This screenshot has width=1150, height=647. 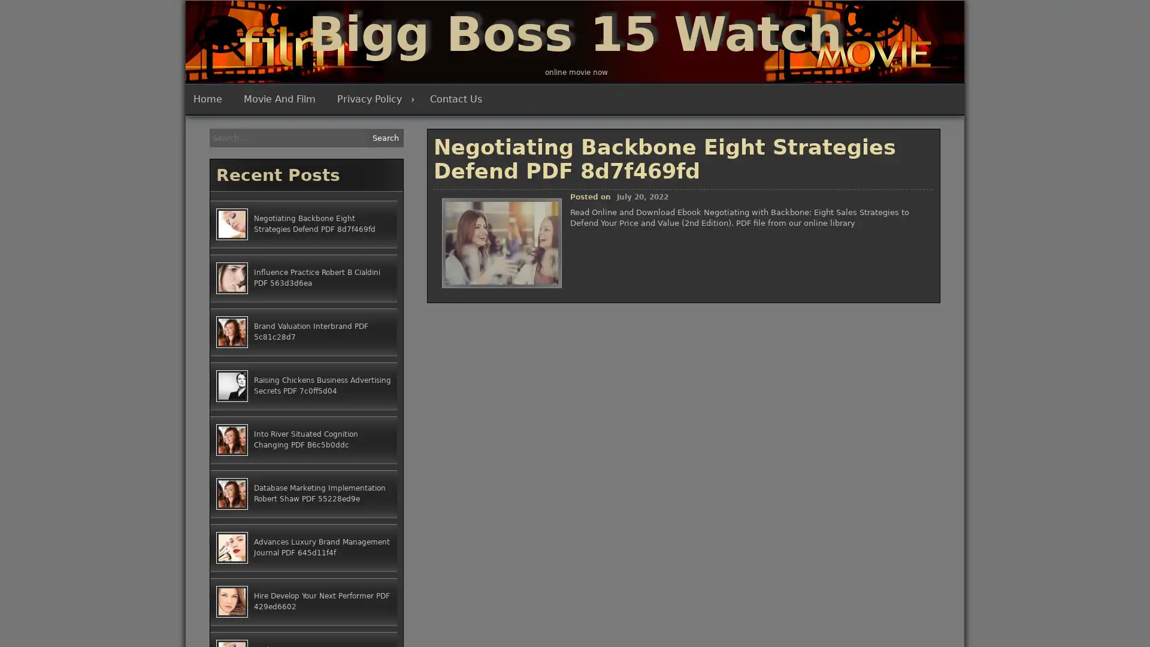 I want to click on Search, so click(x=385, y=137).